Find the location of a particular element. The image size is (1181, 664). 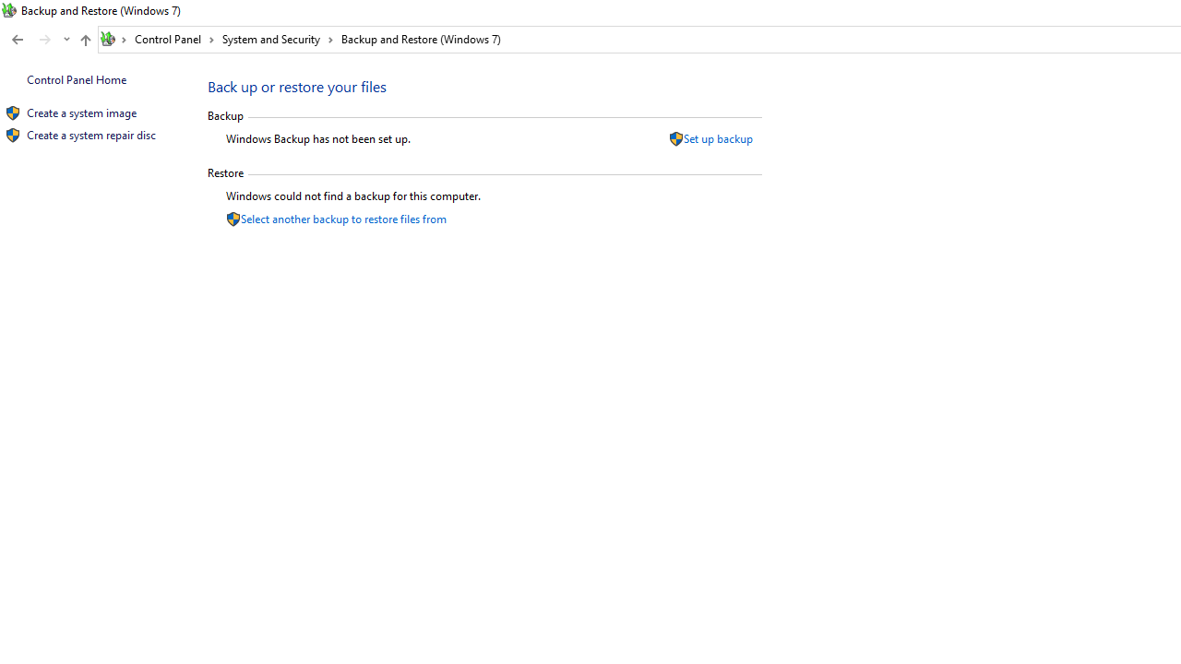

'Up band toolbar' is located at coordinates (84, 41).